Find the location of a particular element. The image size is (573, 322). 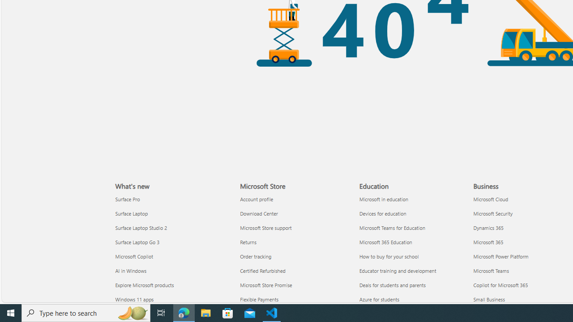

'AI in Windows' is located at coordinates (172, 270).